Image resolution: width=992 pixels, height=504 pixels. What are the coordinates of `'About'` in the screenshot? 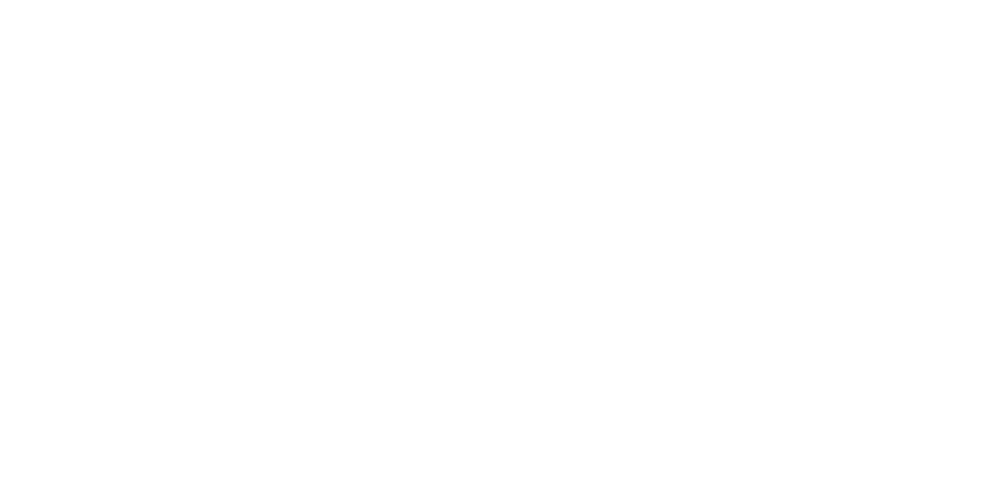 It's located at (736, 363).